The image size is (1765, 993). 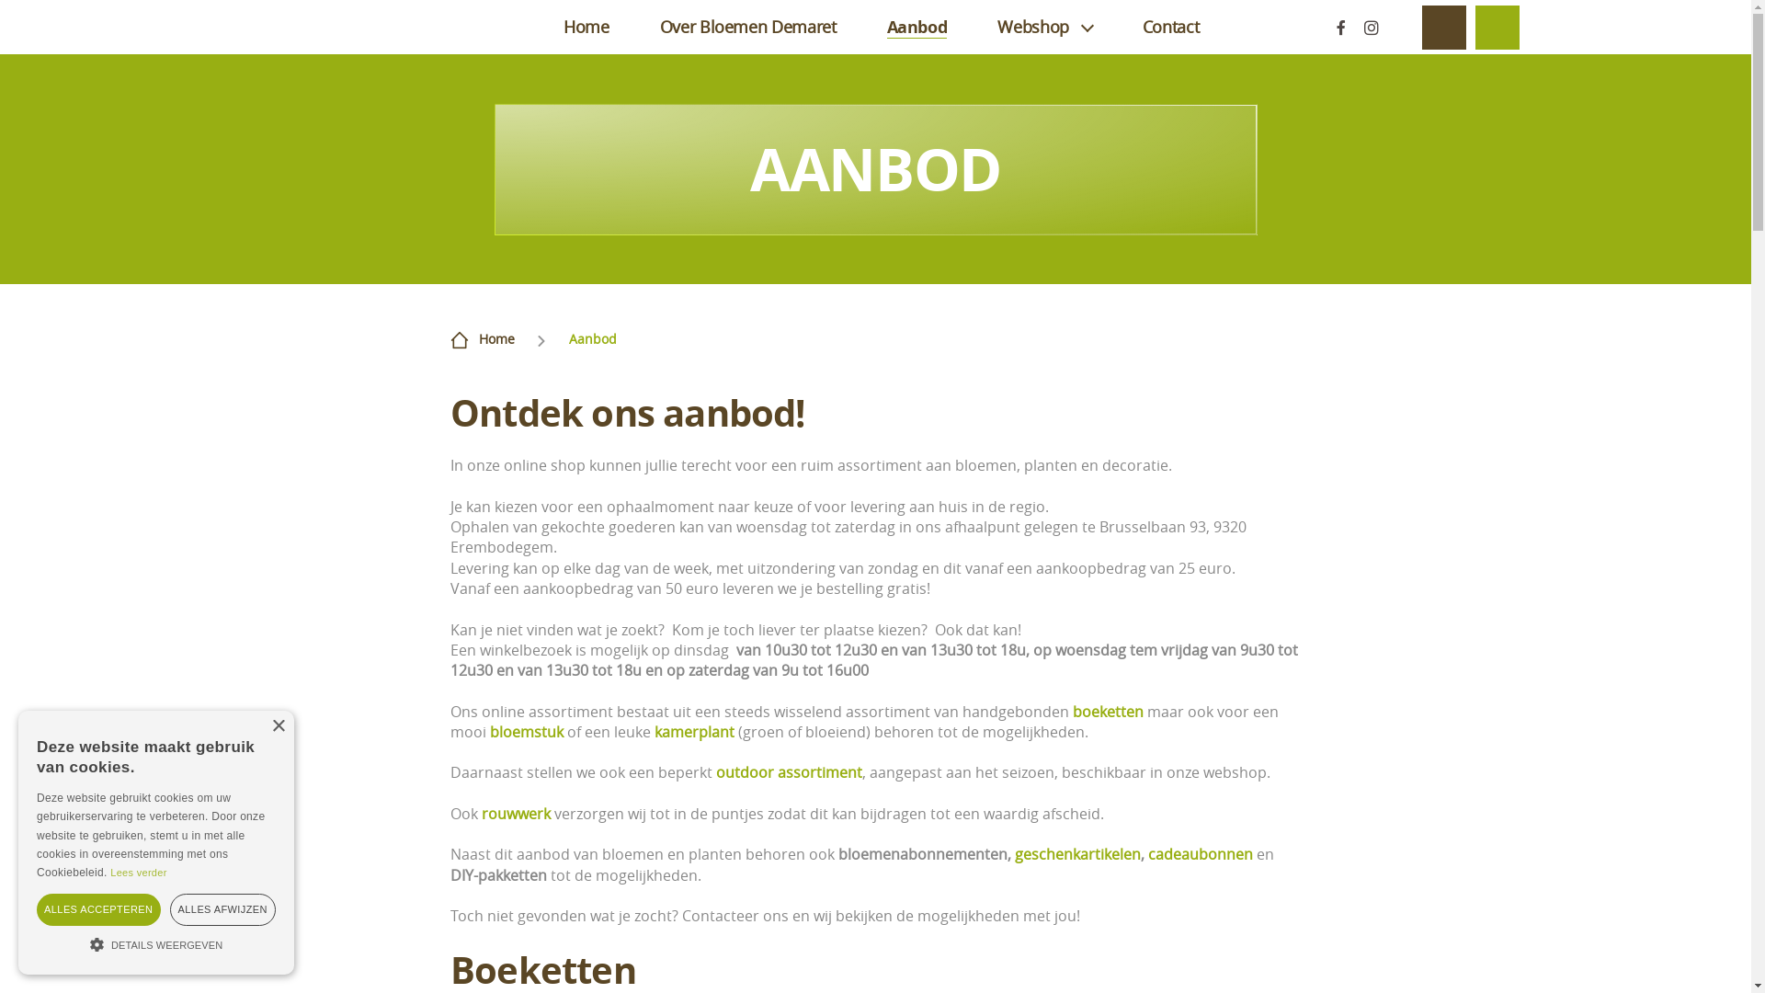 What do you see at coordinates (1370, 27) in the screenshot?
I see `'Instagram'` at bounding box center [1370, 27].